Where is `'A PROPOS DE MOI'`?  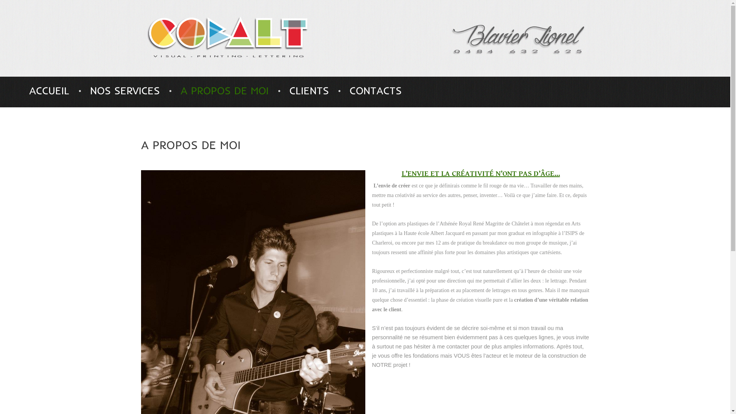 'A PROPOS DE MOI' is located at coordinates (224, 90).